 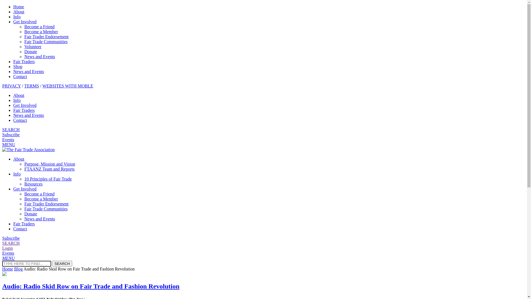 What do you see at coordinates (46, 41) in the screenshot?
I see `'Fair Trade Communities'` at bounding box center [46, 41].